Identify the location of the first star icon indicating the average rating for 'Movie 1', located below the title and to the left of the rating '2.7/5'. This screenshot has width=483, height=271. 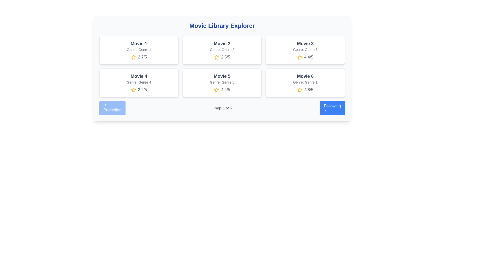
(133, 57).